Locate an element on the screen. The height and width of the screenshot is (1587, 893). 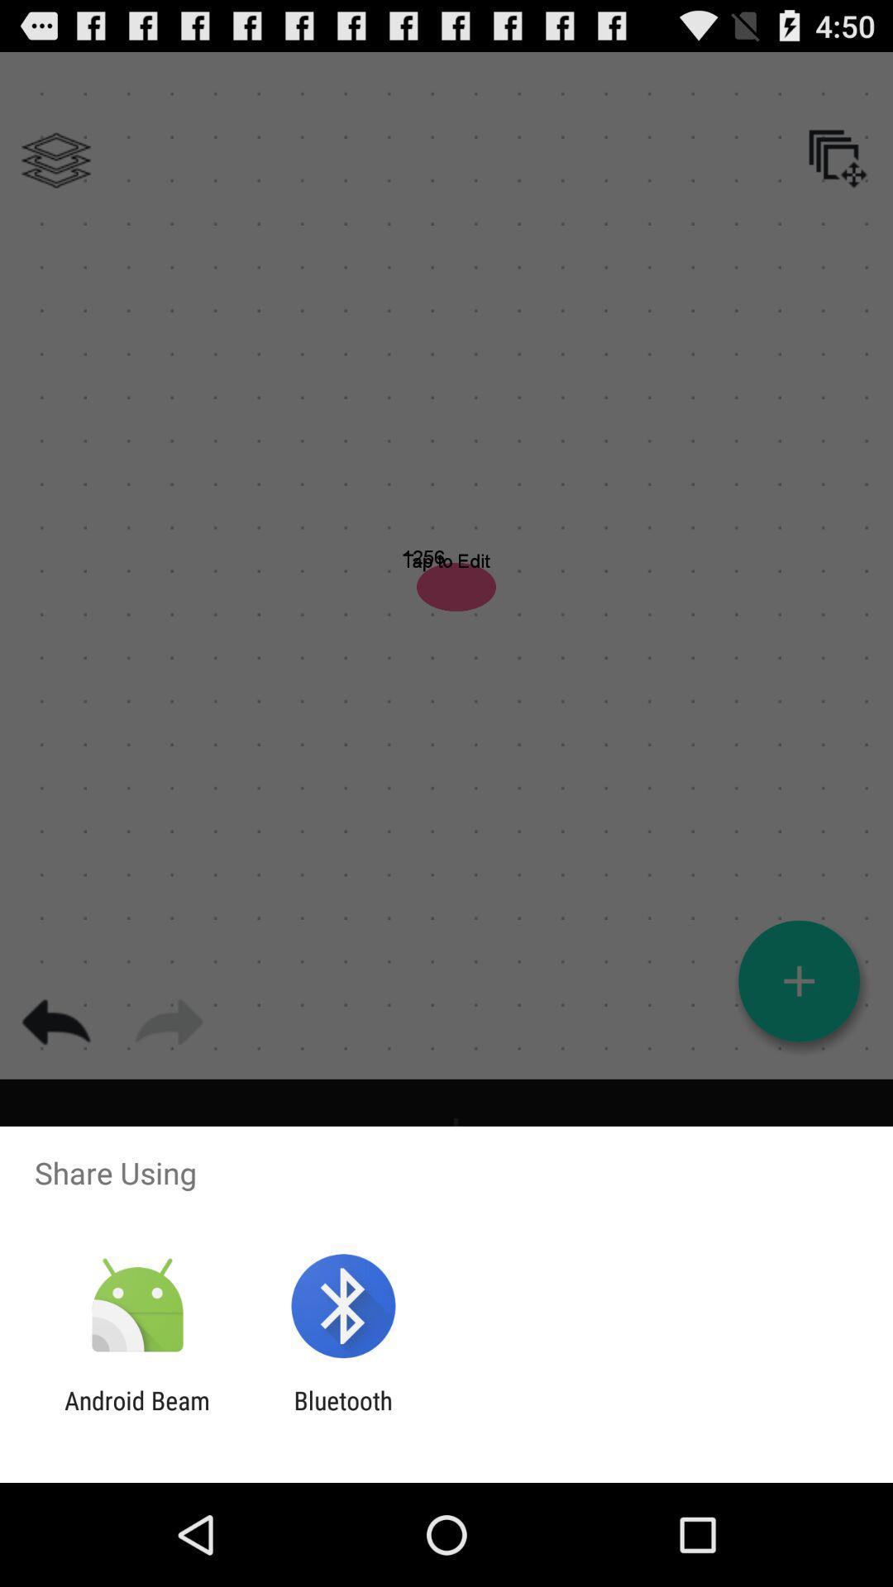
icon to the left of bluetooth item is located at coordinates (136, 1414).